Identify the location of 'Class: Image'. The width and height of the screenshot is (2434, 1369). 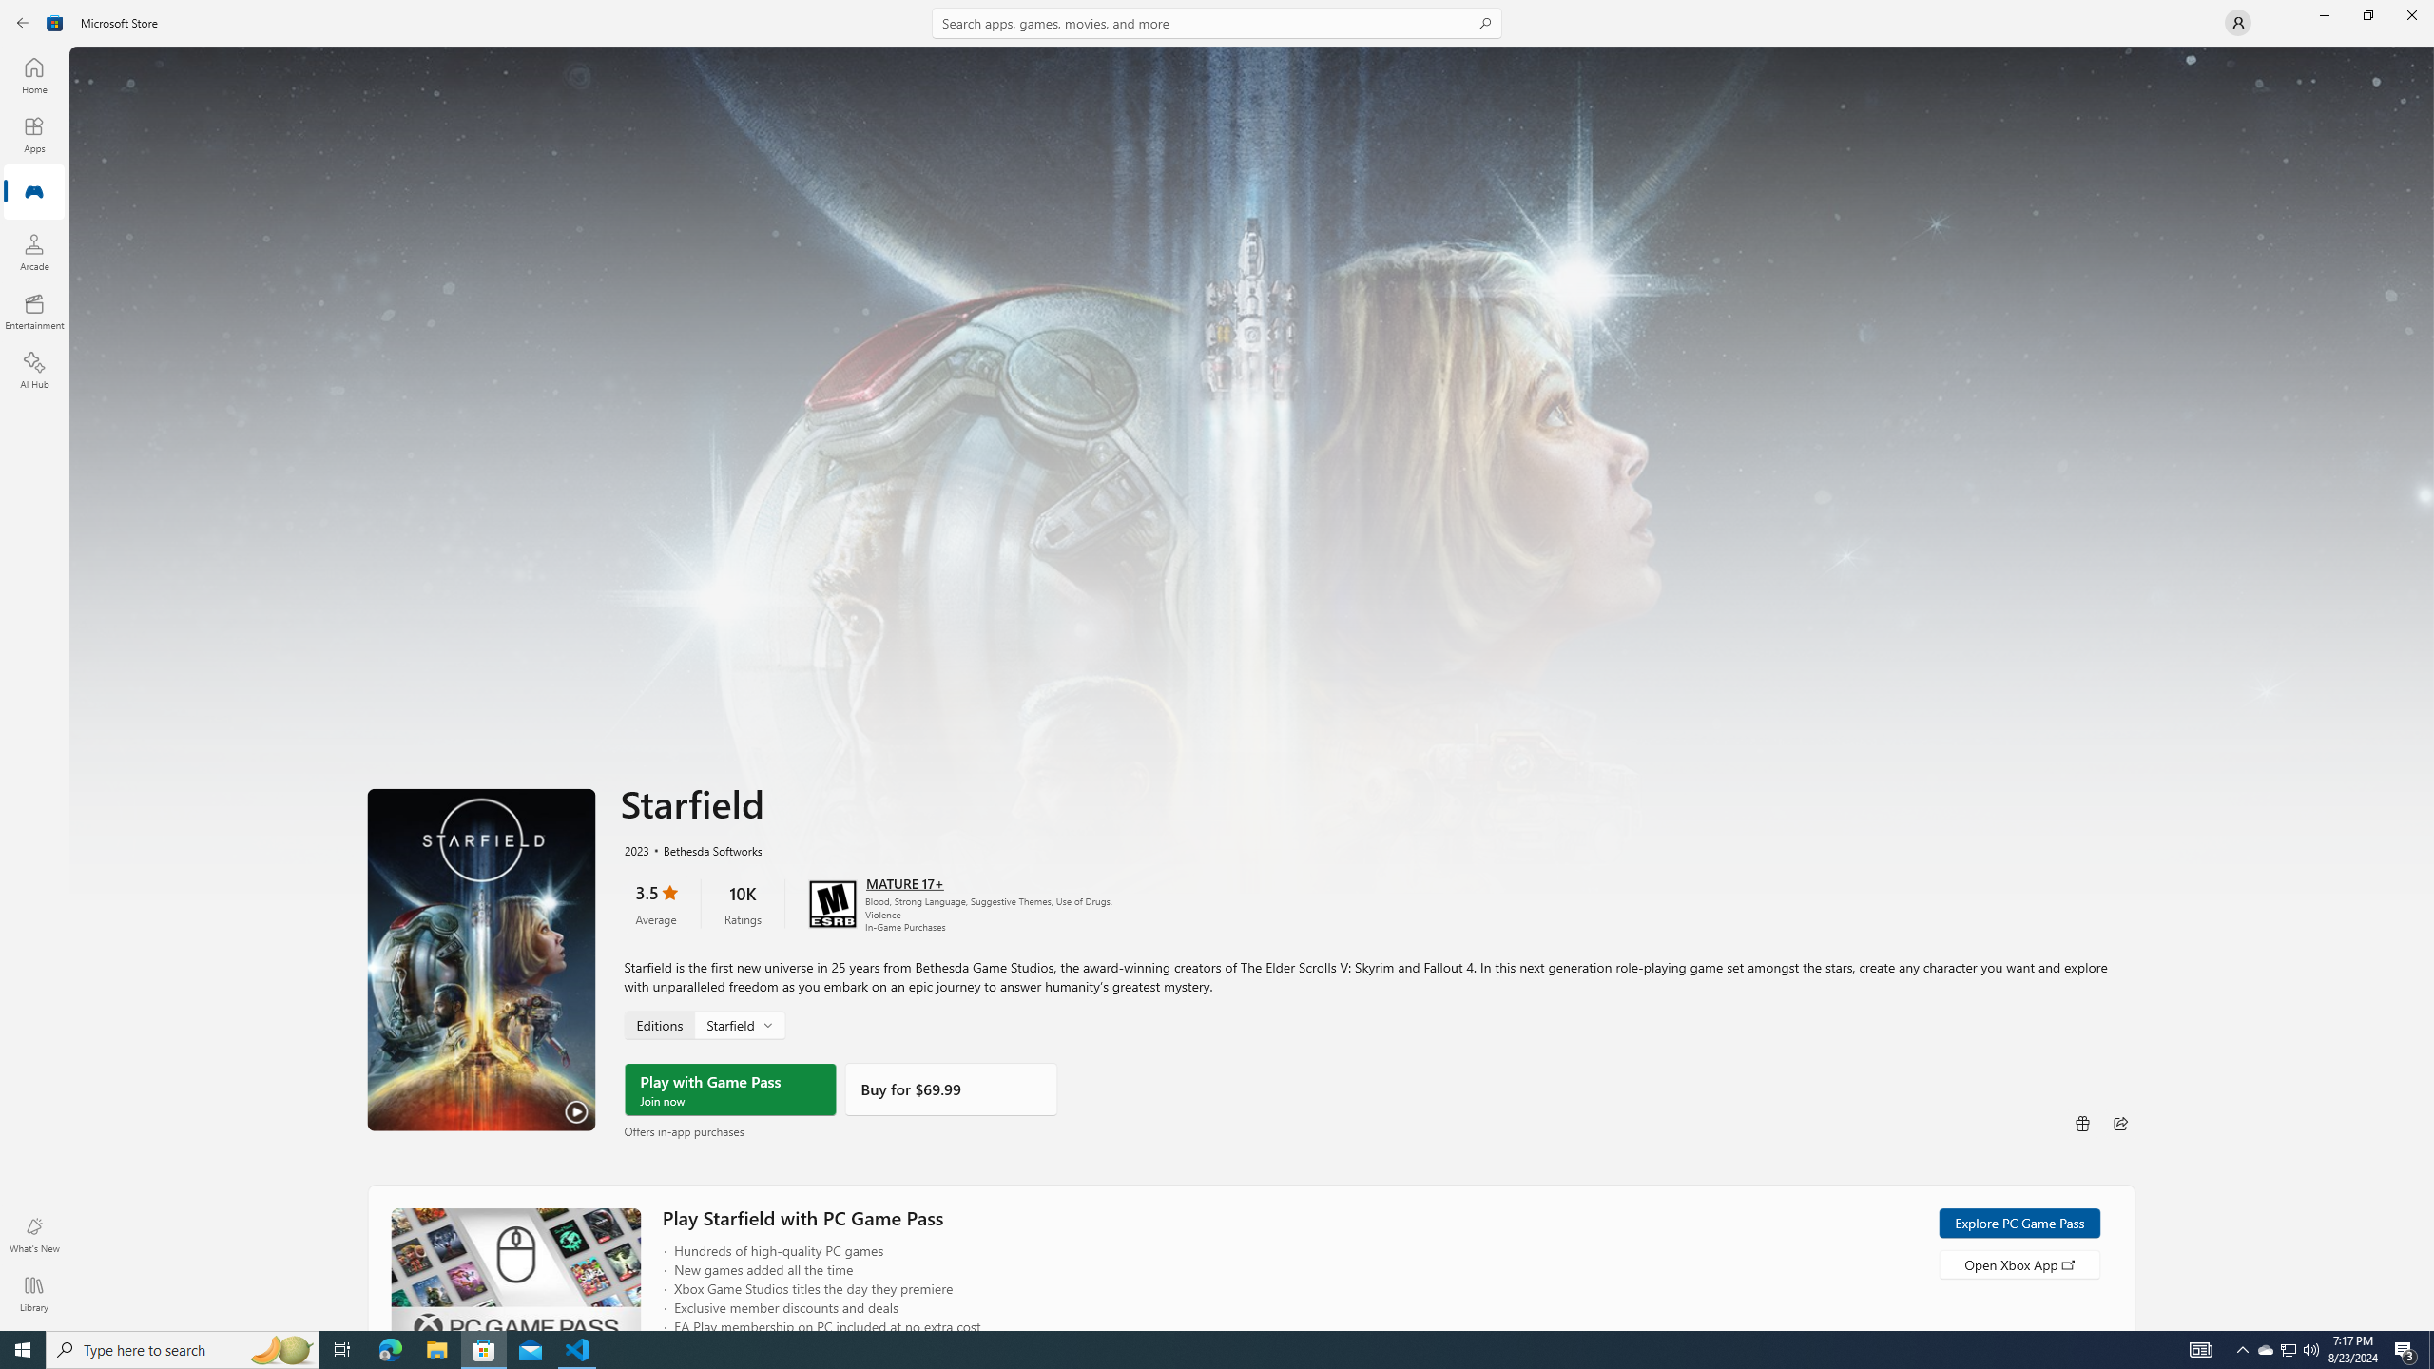
(54, 21).